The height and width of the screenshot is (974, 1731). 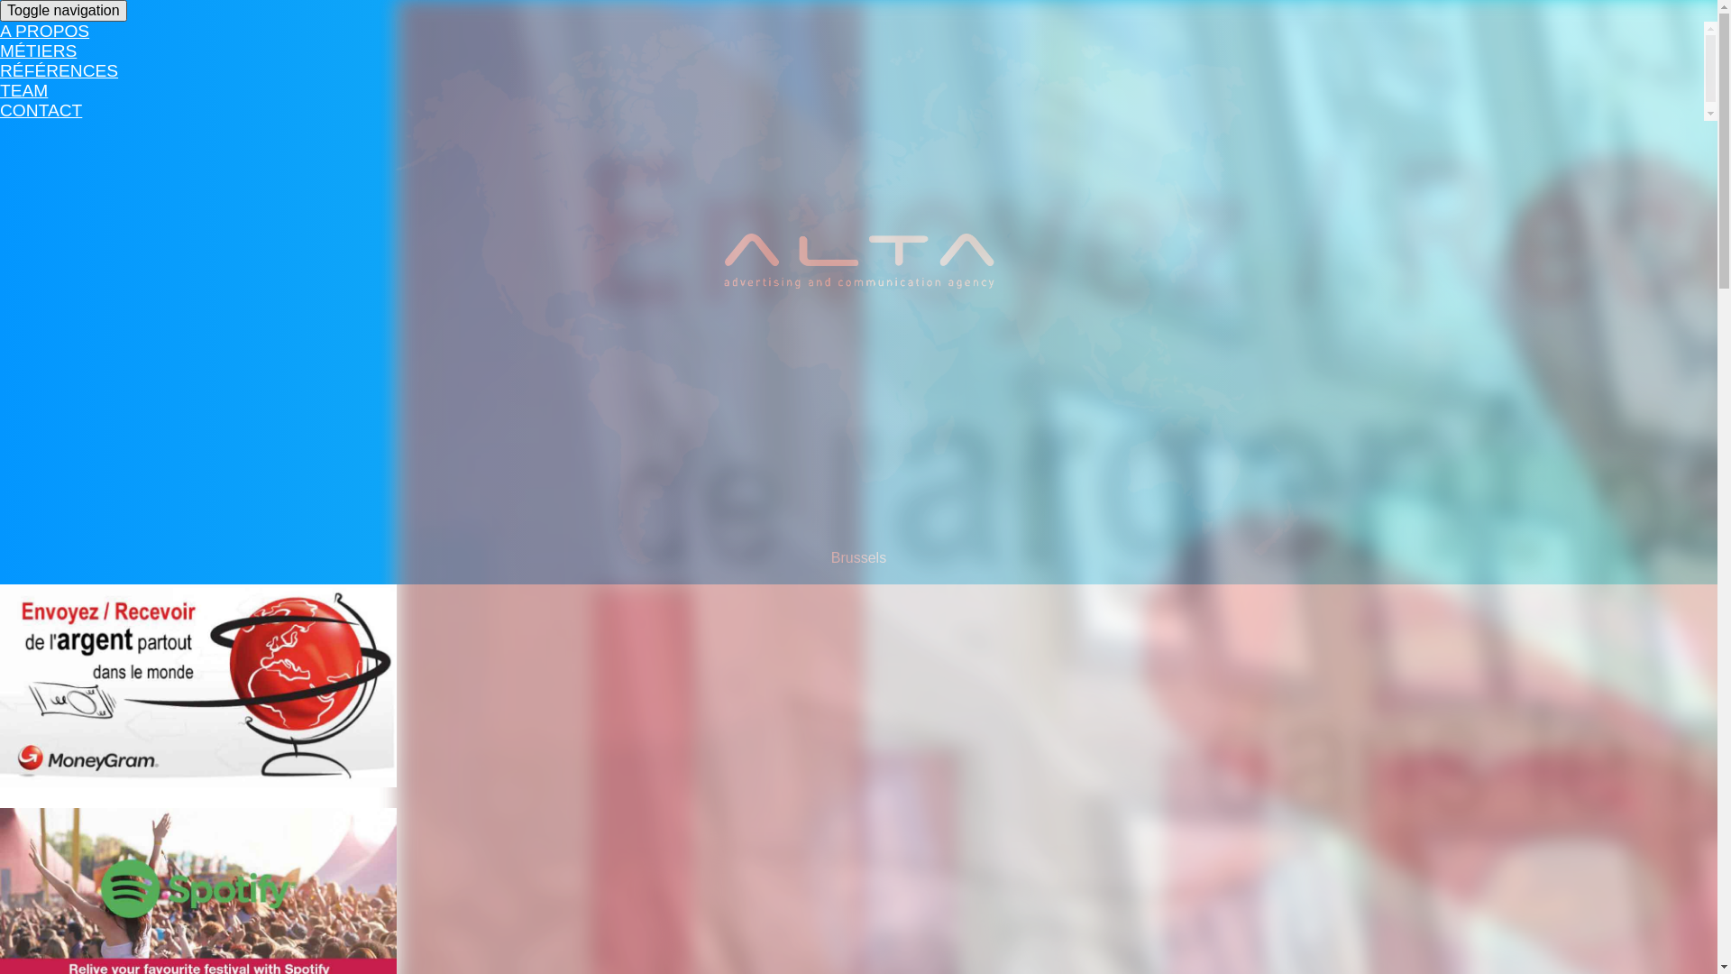 I want to click on 'CONTACT', so click(x=41, y=115).